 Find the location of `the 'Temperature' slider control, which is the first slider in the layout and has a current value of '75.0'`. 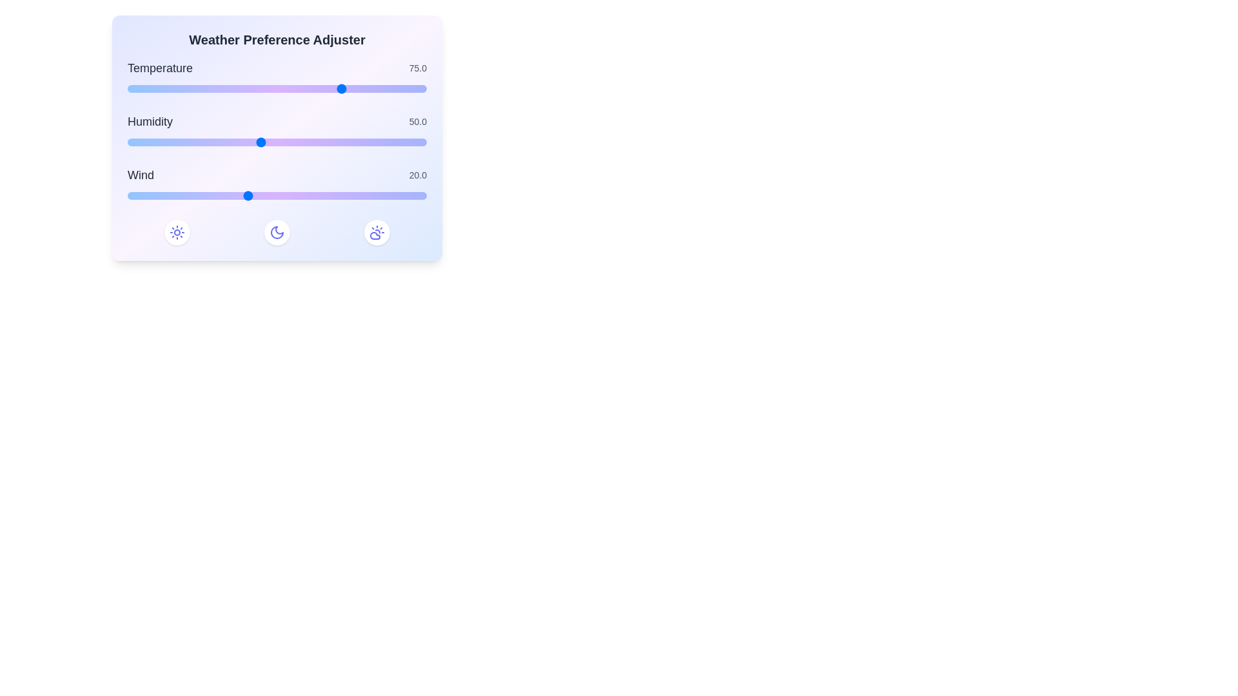

the 'Temperature' slider control, which is the first slider in the layout and has a current value of '75.0' is located at coordinates (277, 78).